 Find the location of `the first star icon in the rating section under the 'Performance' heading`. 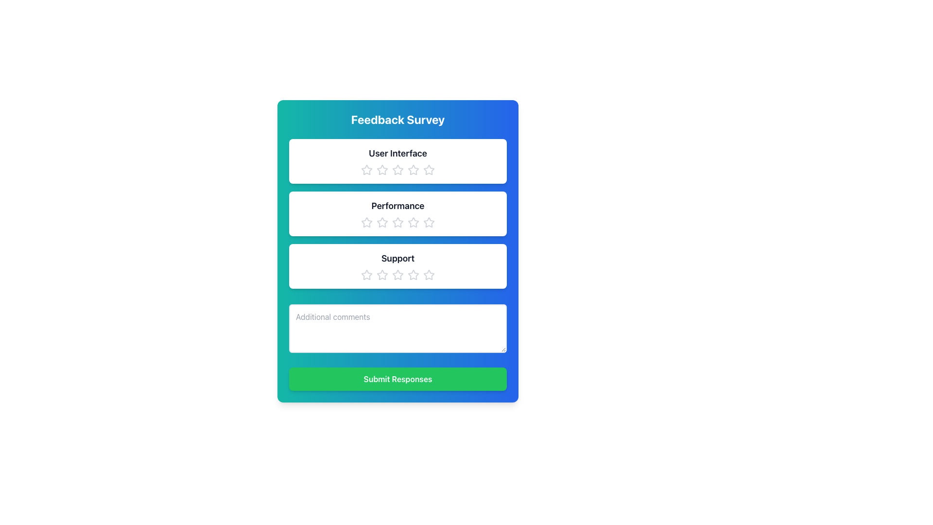

the first star icon in the rating section under the 'Performance' heading is located at coordinates (366, 223).